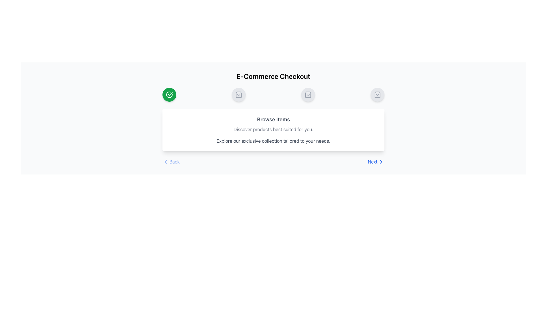  Describe the element at coordinates (273, 119) in the screenshot. I see `the 'Browse Items' text header, which is prominently displayed at the top of its containing section in a large, bold font` at that location.